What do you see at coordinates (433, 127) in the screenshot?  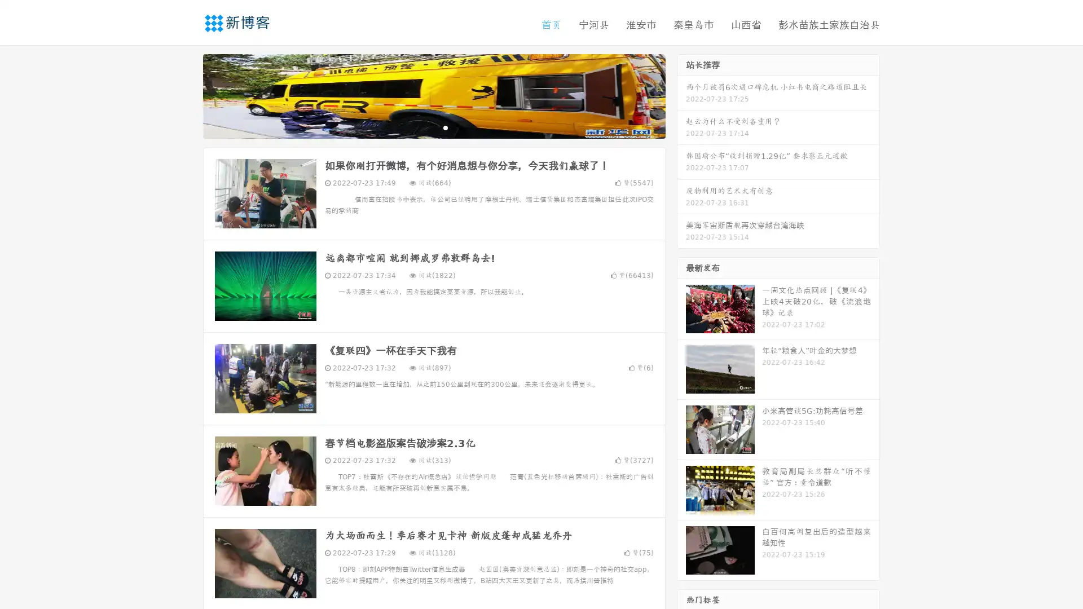 I see `Go to slide 2` at bounding box center [433, 127].